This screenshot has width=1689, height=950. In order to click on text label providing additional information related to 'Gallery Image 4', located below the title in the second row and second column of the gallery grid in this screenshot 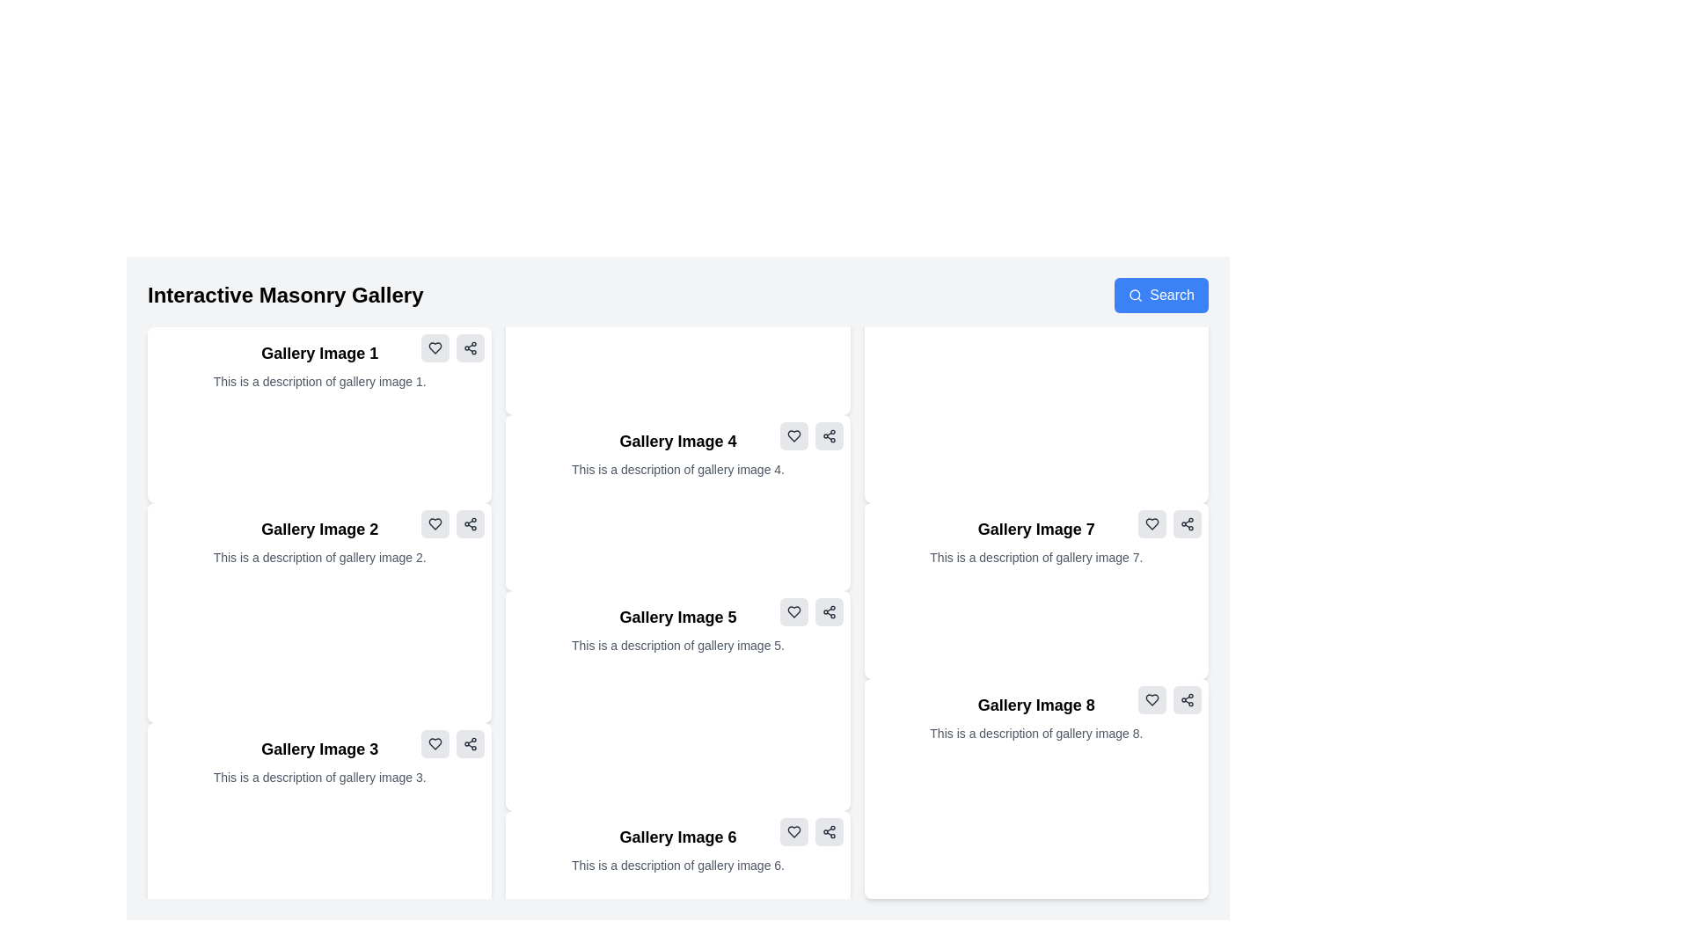, I will do `click(677, 468)`.